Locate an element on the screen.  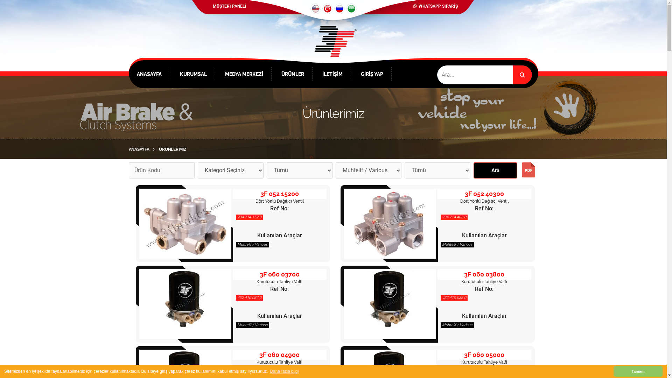
'3F 060 03800' is located at coordinates (484, 274).